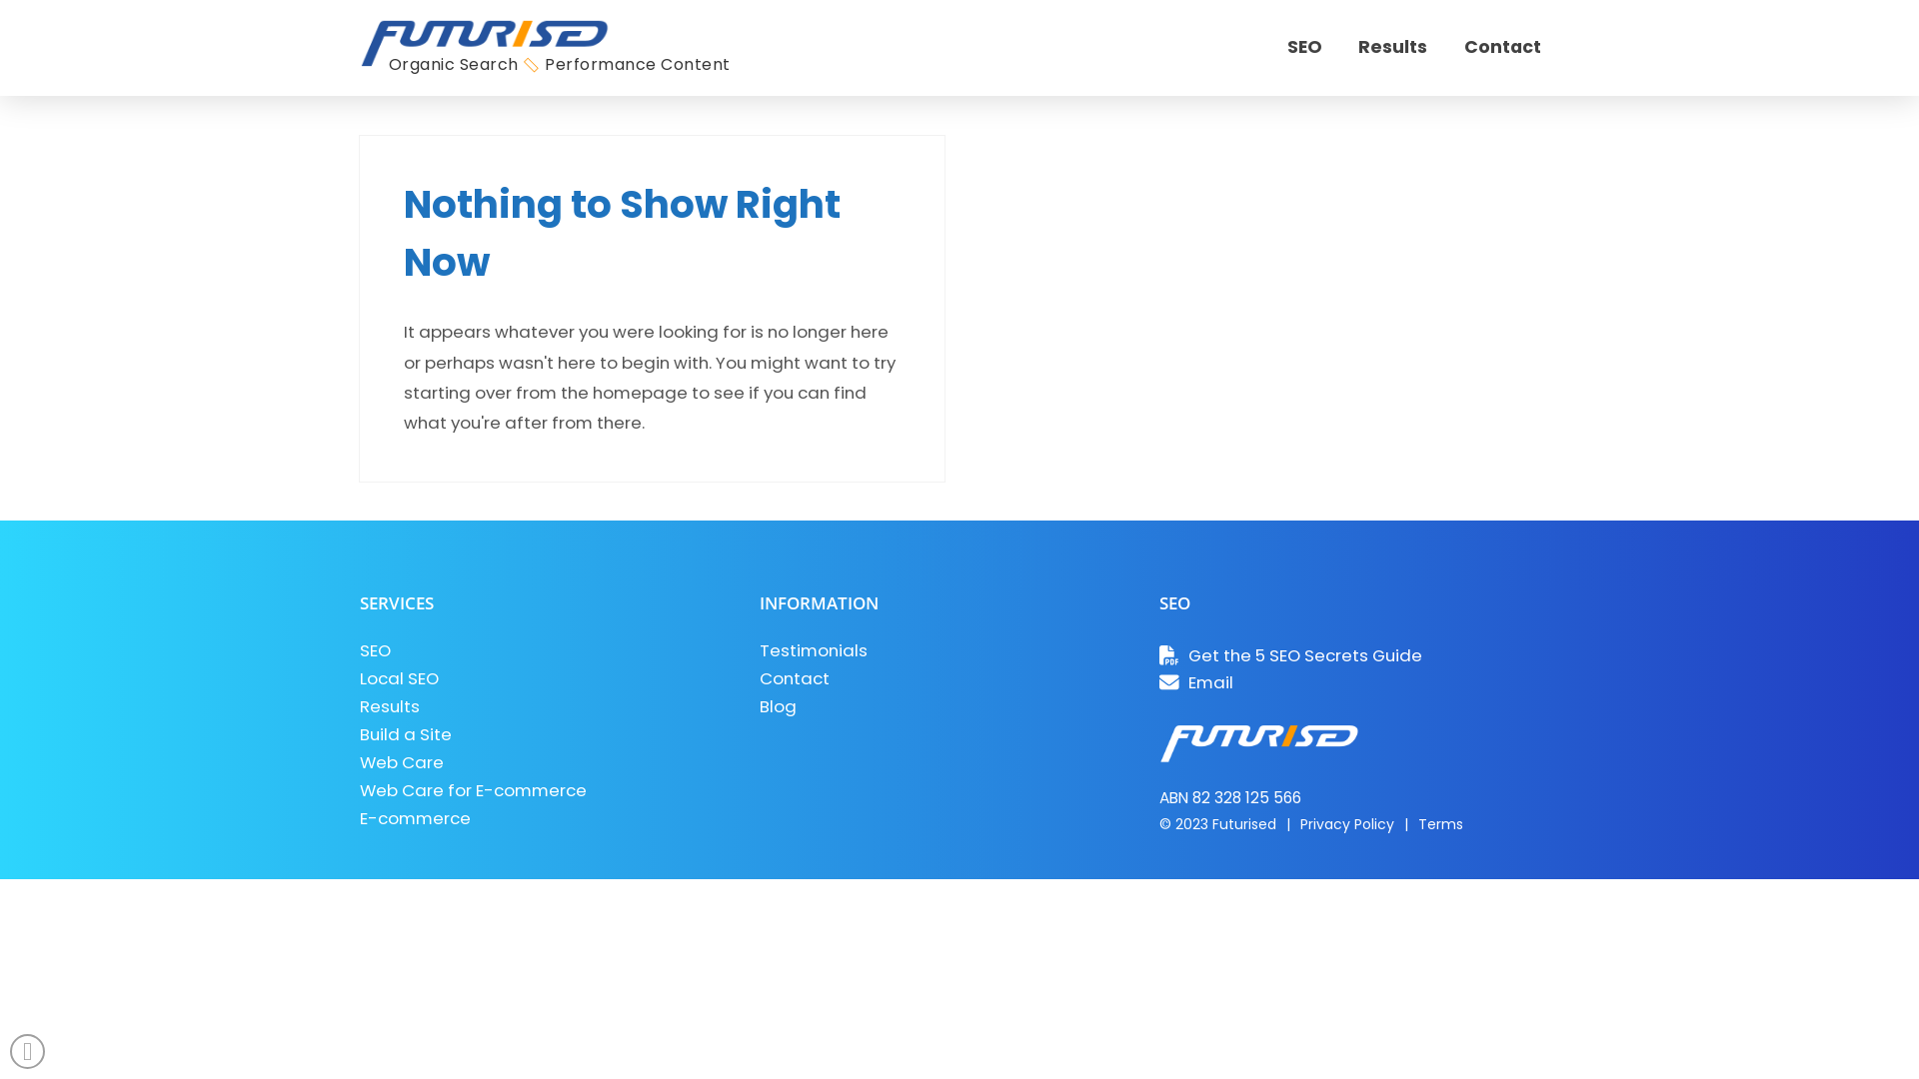 Image resolution: width=1919 pixels, height=1079 pixels. Describe the element at coordinates (1347, 824) in the screenshot. I see `'Privacy Policy'` at that location.